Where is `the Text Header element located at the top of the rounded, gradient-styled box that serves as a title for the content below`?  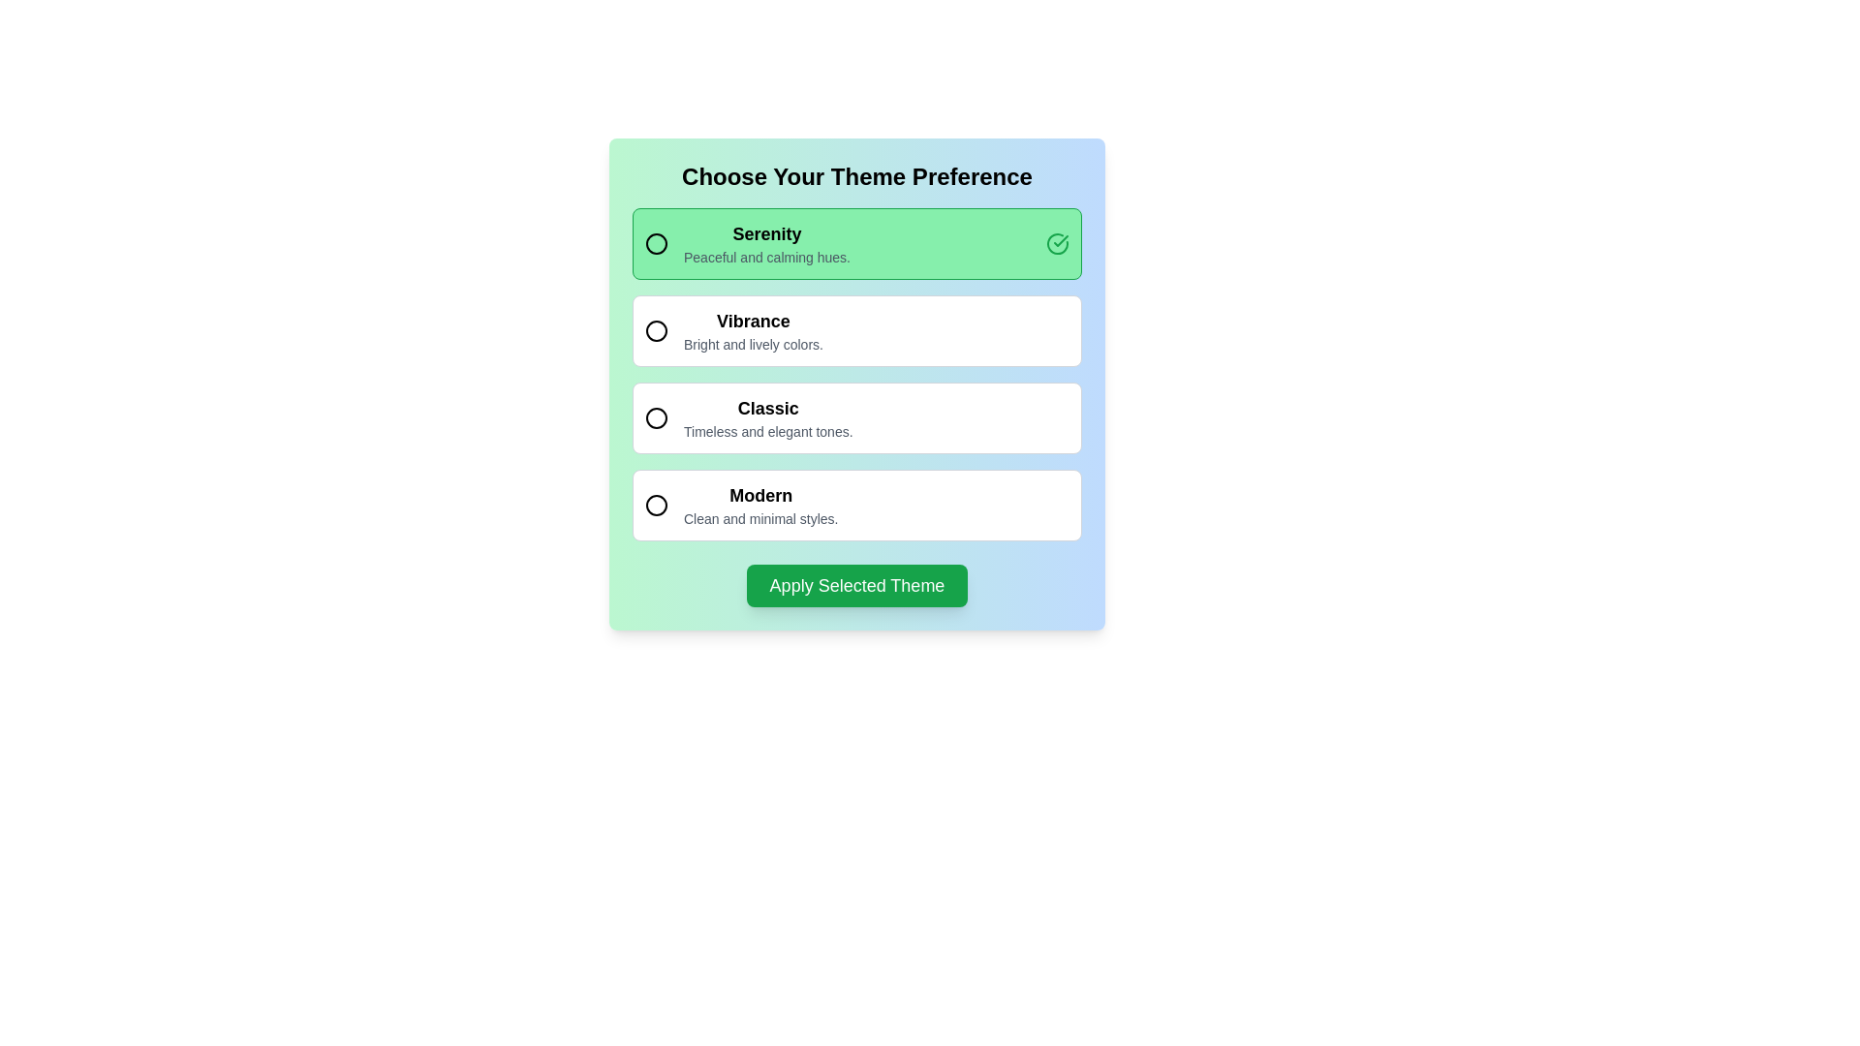 the Text Header element located at the top of the rounded, gradient-styled box that serves as a title for the content below is located at coordinates (855, 176).